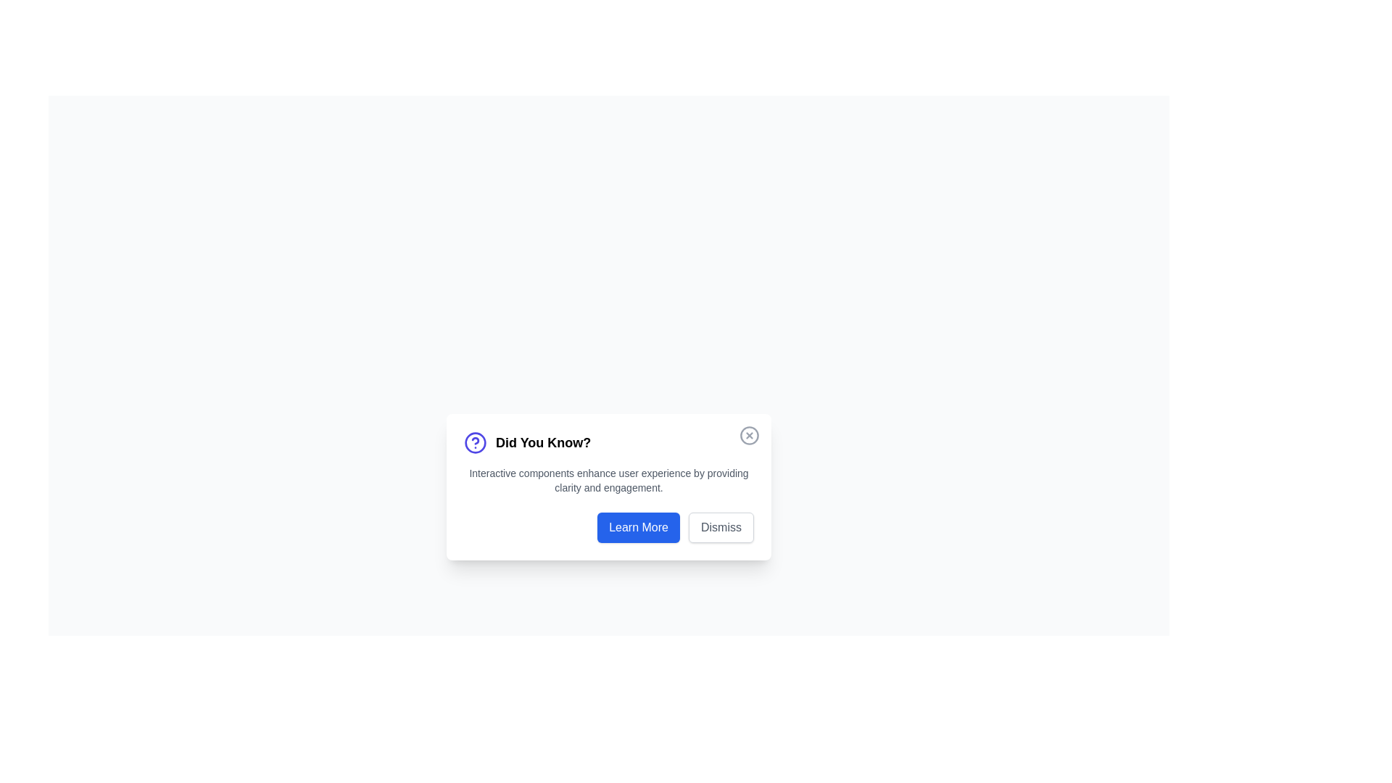  I want to click on the text heading located centrally in the dialog box at the bottom of the interface, positioned to the right of a circular icon with a question mark, so click(542, 442).